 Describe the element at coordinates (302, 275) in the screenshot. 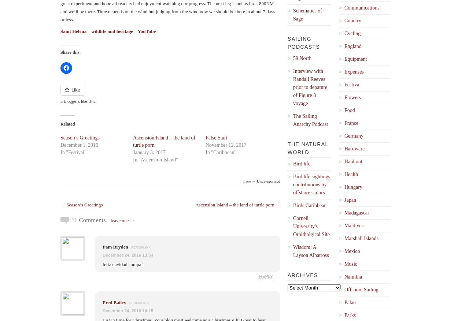

I see `'Archives'` at that location.